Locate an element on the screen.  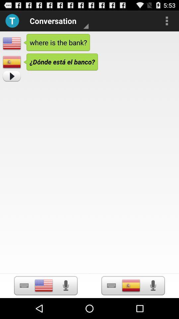
the microphone icon is located at coordinates (66, 306).